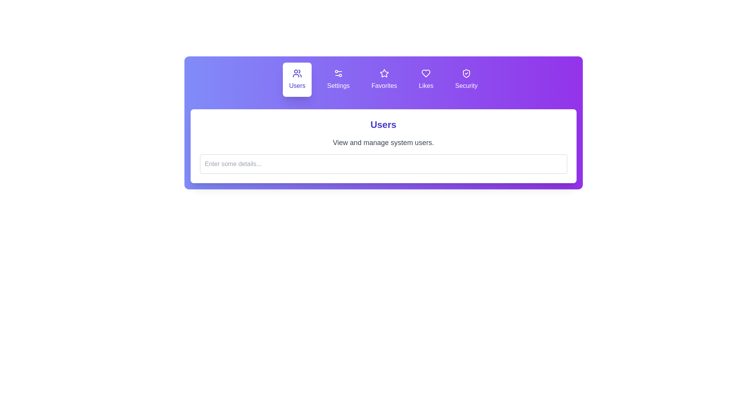 Image resolution: width=747 pixels, height=420 pixels. I want to click on the tab labeled Users to read its description, so click(297, 79).